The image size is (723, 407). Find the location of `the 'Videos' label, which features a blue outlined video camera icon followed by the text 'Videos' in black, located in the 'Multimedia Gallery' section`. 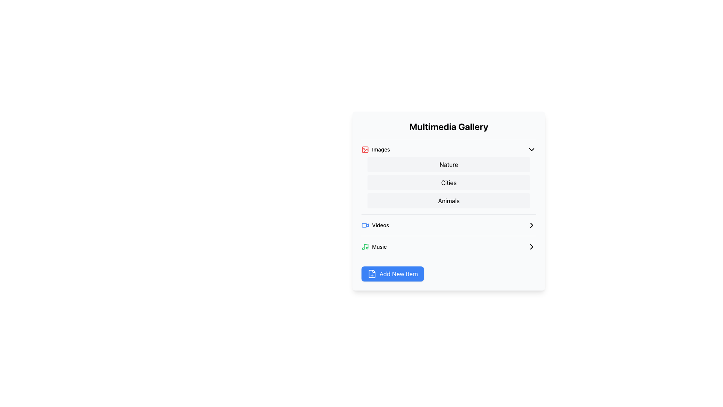

the 'Videos' label, which features a blue outlined video camera icon followed by the text 'Videos' in black, located in the 'Multimedia Gallery' section is located at coordinates (375, 225).